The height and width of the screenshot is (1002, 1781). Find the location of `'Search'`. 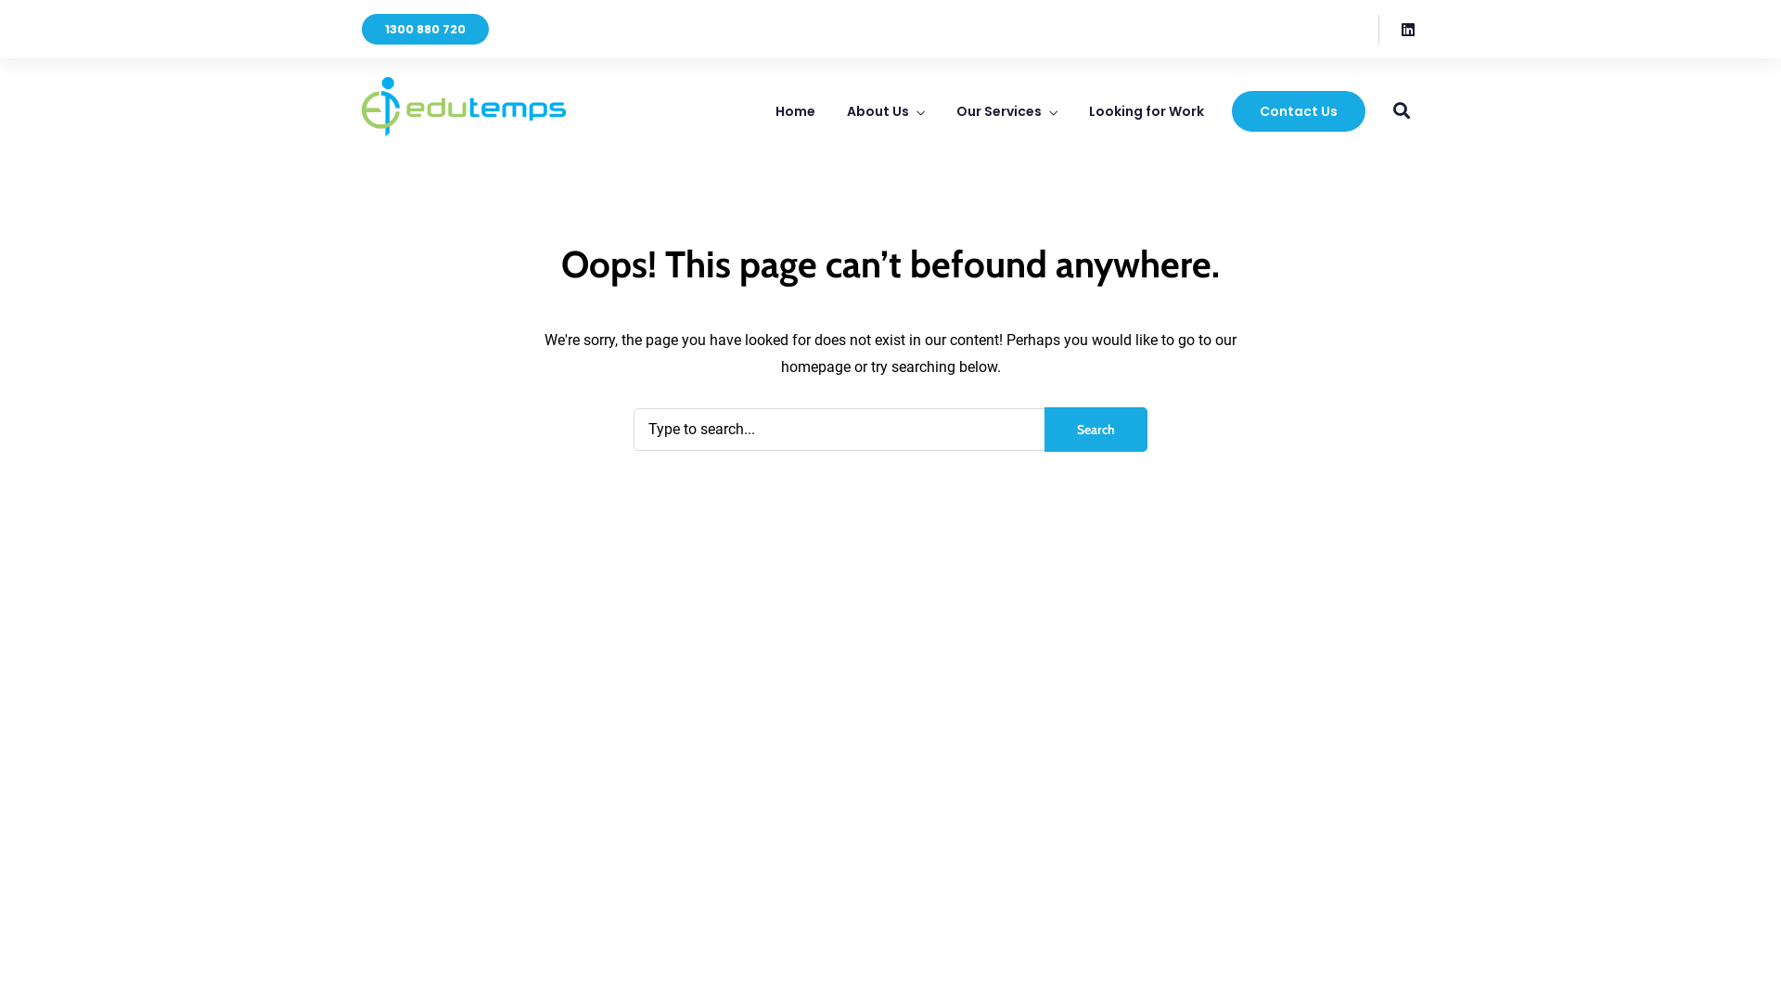

'Search' is located at coordinates (1096, 429).